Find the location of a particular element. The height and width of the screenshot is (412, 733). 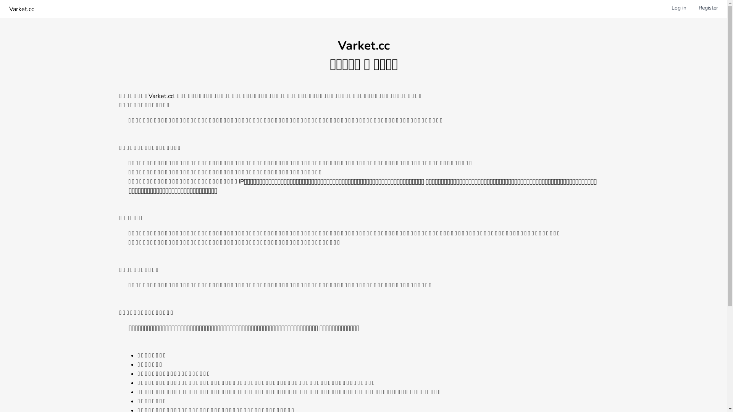

'Varket.cc' is located at coordinates (21, 9).